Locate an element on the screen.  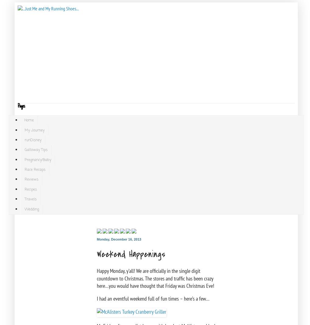
'Race Recaps' is located at coordinates (35, 169).